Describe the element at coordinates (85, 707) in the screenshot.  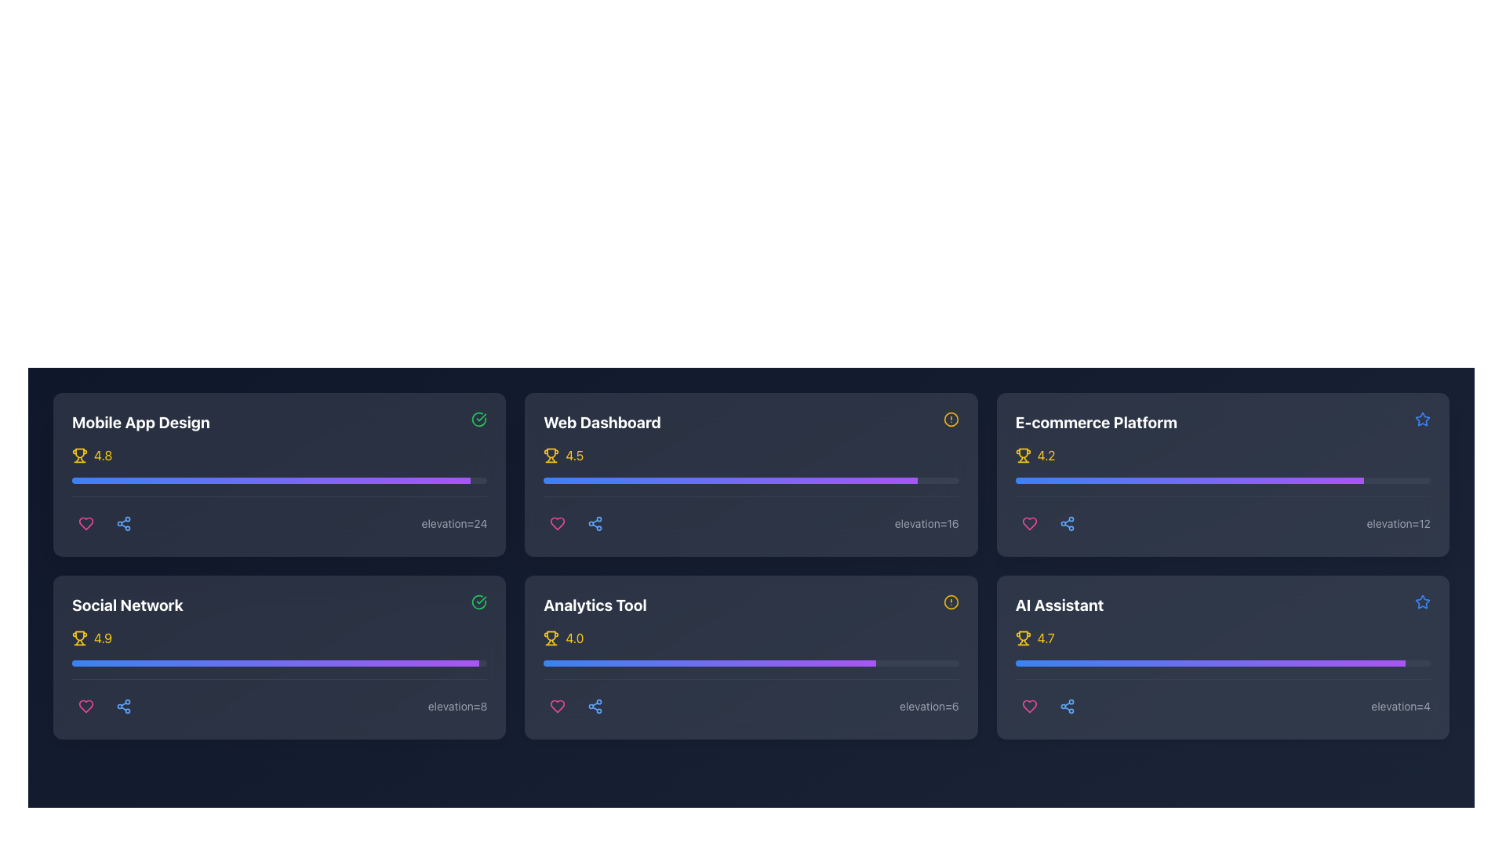
I see `the heart icon located below the progress bar in the 'Social Network' card to express a liking action towards the item` at that location.